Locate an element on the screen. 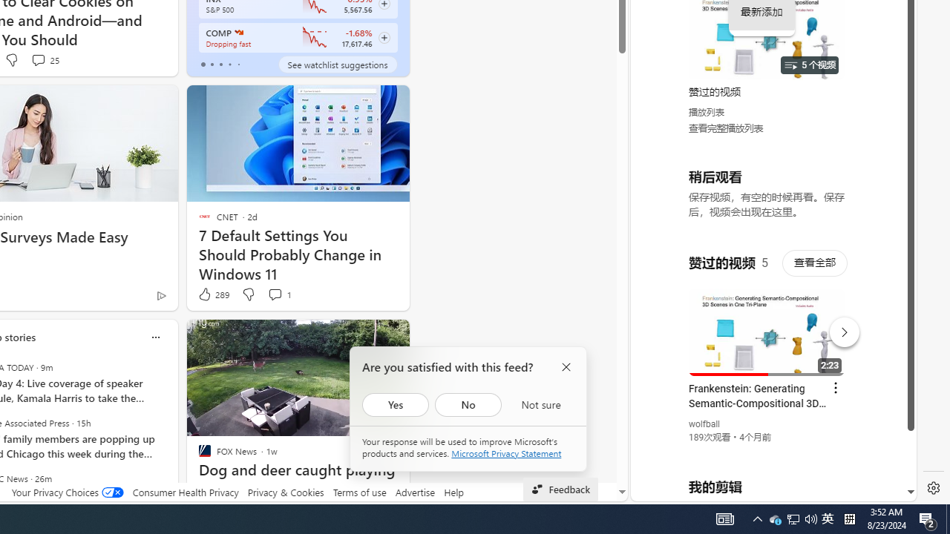  'View comments 25 Comment' is located at coordinates (38, 59).